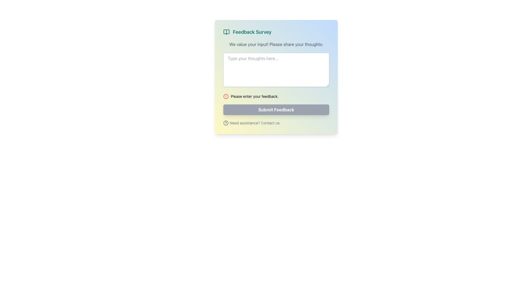 The width and height of the screenshot is (511, 287). Describe the element at coordinates (276, 96) in the screenshot. I see `the alert message displaying 'Please enter your feedback.' with a warning symbol` at that location.